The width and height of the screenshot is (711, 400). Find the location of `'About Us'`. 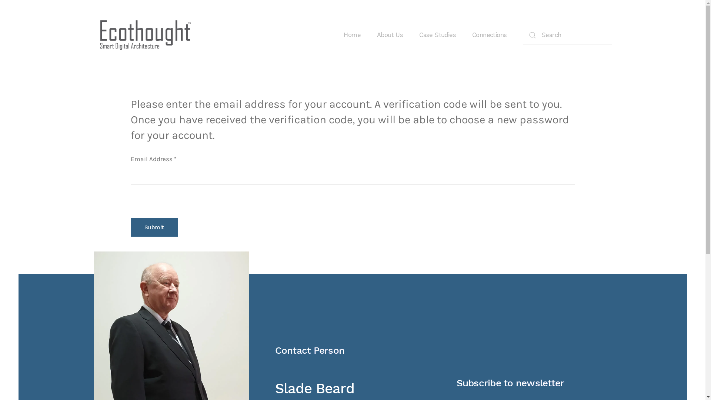

'About Us' is located at coordinates (389, 35).